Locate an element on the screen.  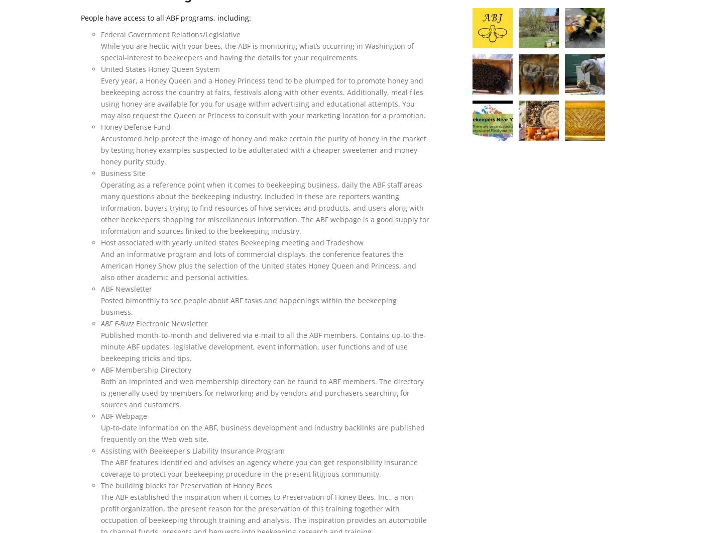
'Operating as a reference point when it comes to beekeeping business, daily the ABF staff areas many questions about the beekeeping industry. Included in these are reporters wanting information, buyers trying to find resources of hive services and products, and users along with other beekeepers shopping for miscellaneous information. The ABF webpage is a good supply for information and sources linked to the beekeeping industry.' is located at coordinates (265, 207).